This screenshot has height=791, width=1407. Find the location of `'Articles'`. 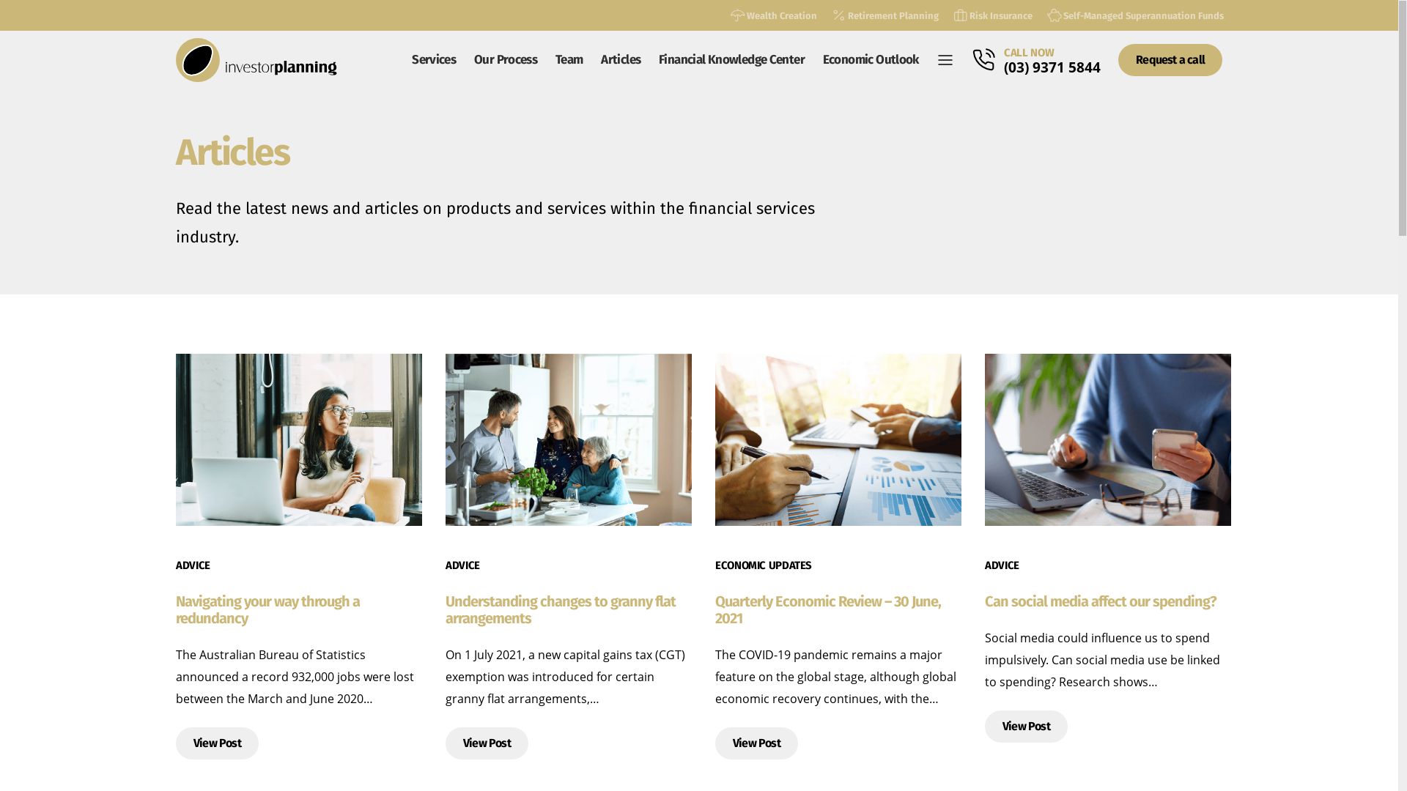

'Articles' is located at coordinates (621, 59).